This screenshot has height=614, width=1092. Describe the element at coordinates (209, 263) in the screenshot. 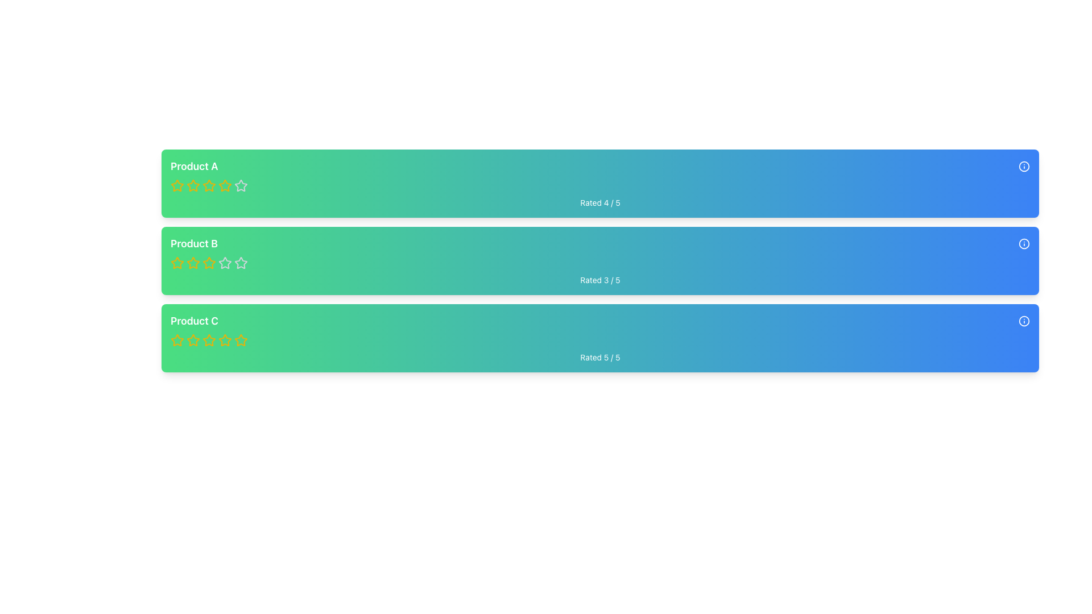

I see `the fourth star in the rating system for 'Product B' to update the rating` at that location.